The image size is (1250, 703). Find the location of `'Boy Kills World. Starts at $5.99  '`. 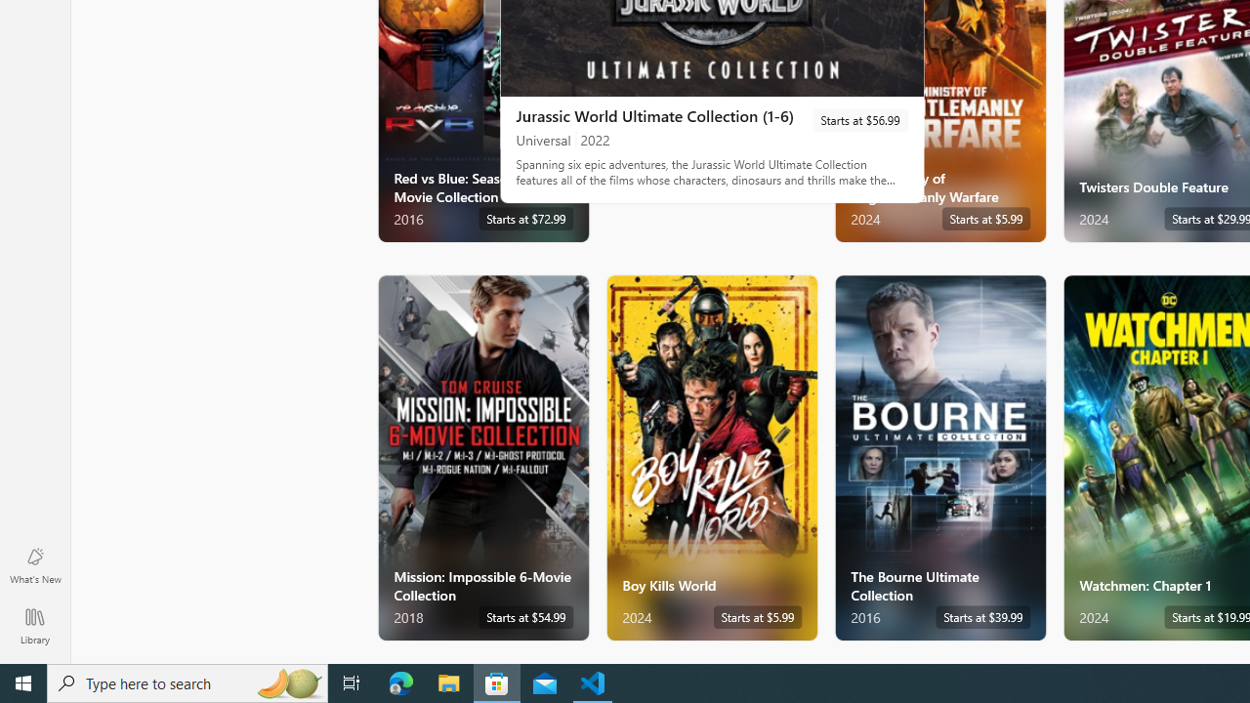

'Boy Kills World. Starts at $5.99  ' is located at coordinates (710, 457).